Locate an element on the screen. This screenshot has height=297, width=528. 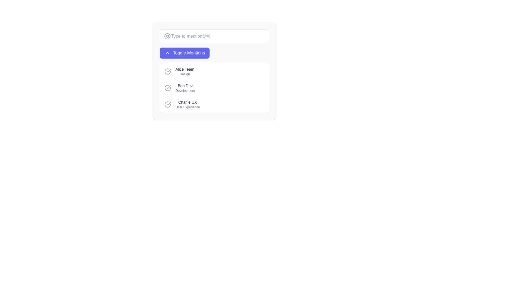
the first list item labeled 'Alice Team' with a circular checkmark is located at coordinates (214, 71).